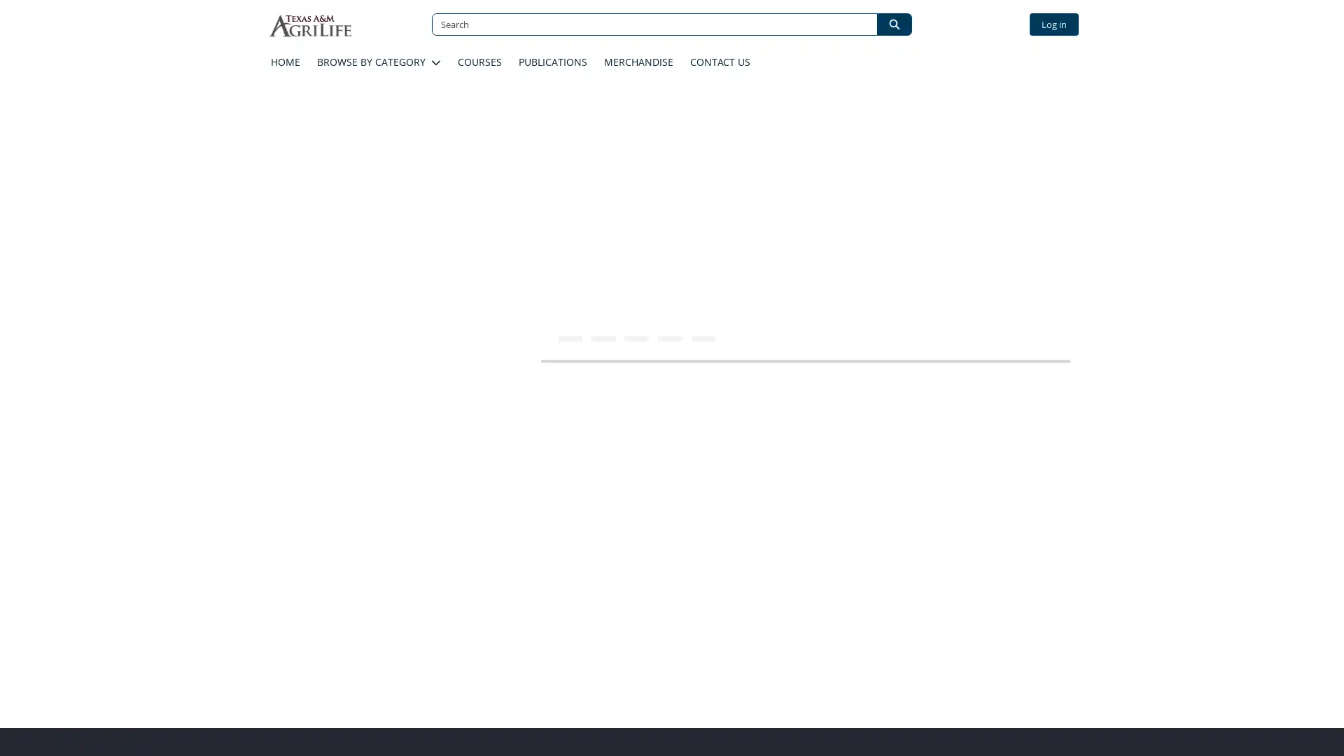 Image resolution: width=1344 pixels, height=756 pixels. I want to click on BROWSE BY CATEGORY, so click(379, 61).